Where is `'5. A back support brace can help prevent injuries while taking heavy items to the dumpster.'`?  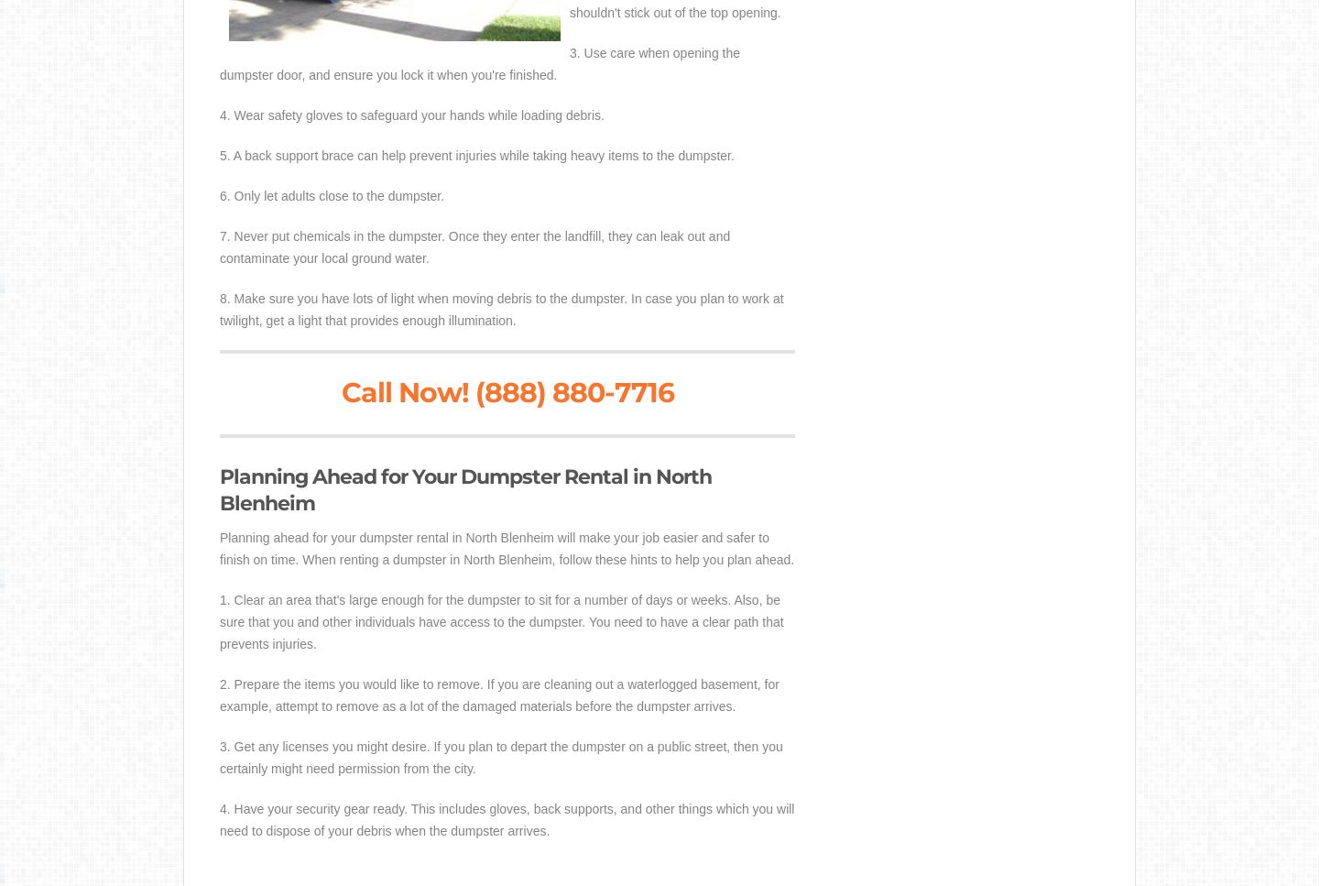 '5. A back support brace can help prevent injuries while taking heavy items to the dumpster.' is located at coordinates (475, 155).